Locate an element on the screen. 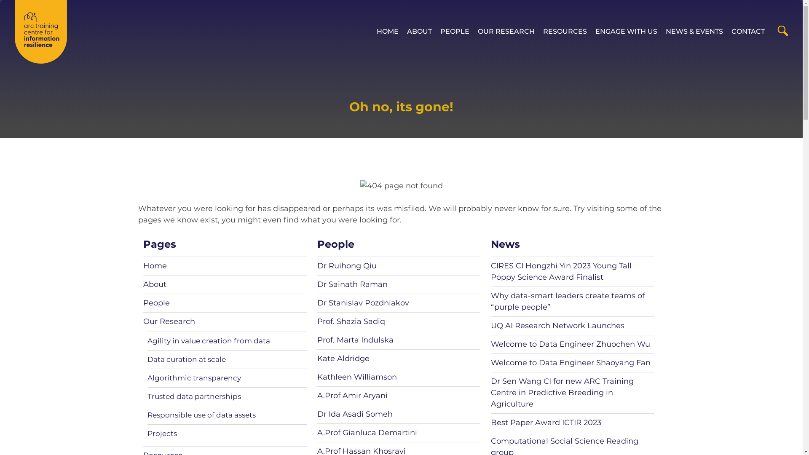 This screenshot has height=455, width=809. 'A.Prof Gianluca Demartini' is located at coordinates (367, 432).